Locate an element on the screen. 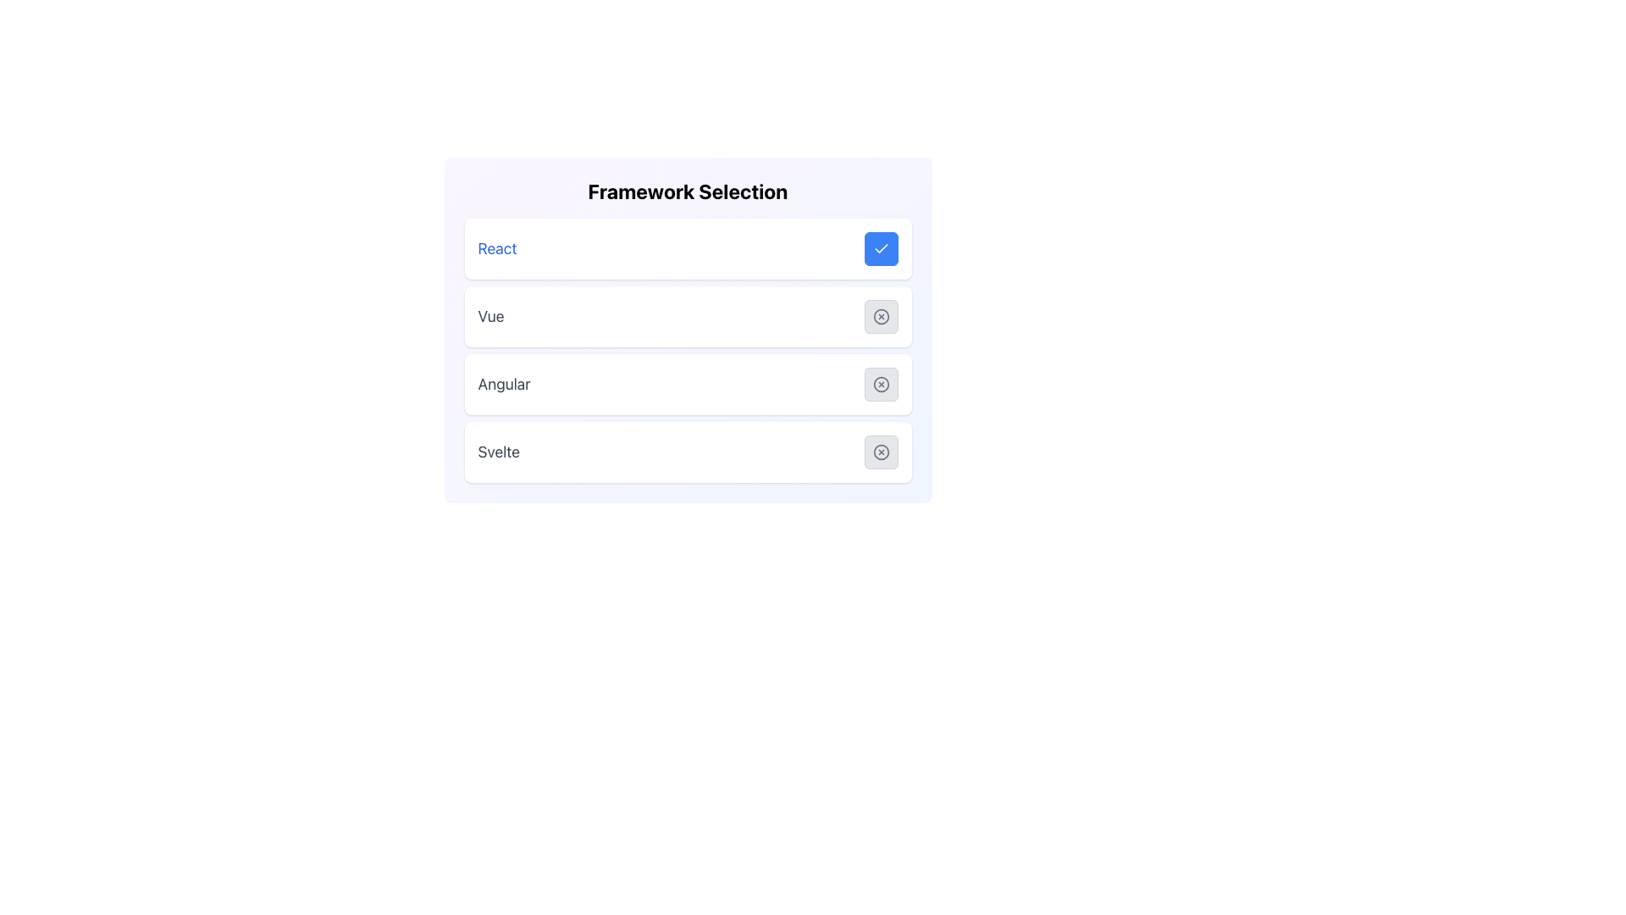 The image size is (1626, 915). the circular gray button with a cross icon, which is the second action button to the right of the text 'Angular' in the framework options list is located at coordinates (881, 385).